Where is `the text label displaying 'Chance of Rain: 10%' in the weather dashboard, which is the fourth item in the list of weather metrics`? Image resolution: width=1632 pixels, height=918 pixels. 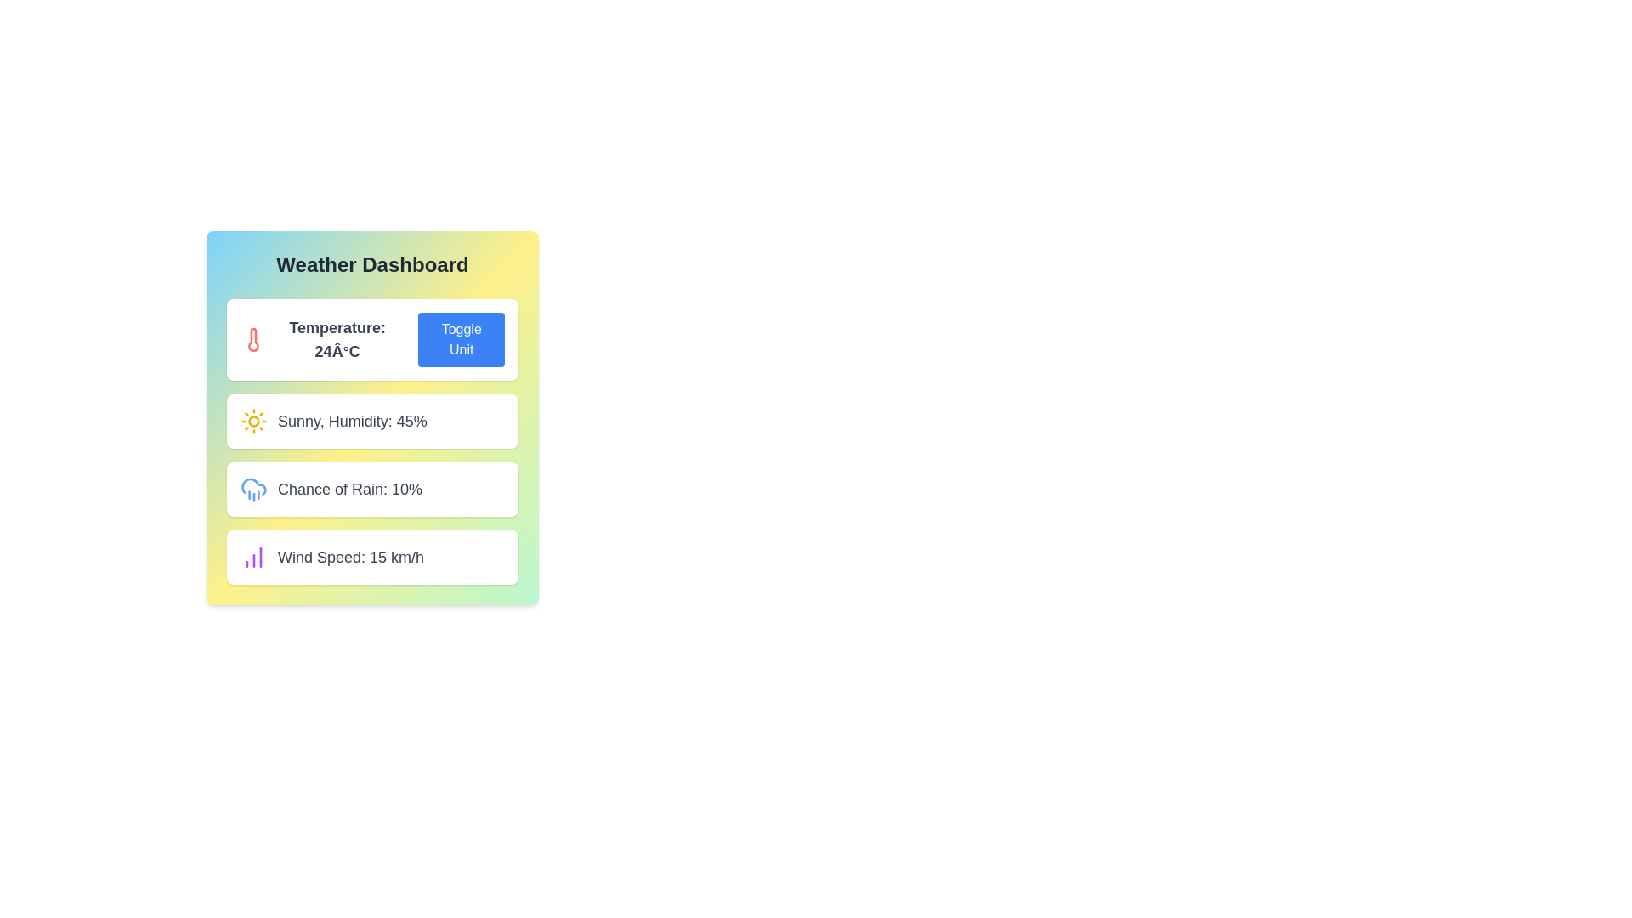 the text label displaying 'Chance of Rain: 10%' in the weather dashboard, which is the fourth item in the list of weather metrics is located at coordinates (349, 489).